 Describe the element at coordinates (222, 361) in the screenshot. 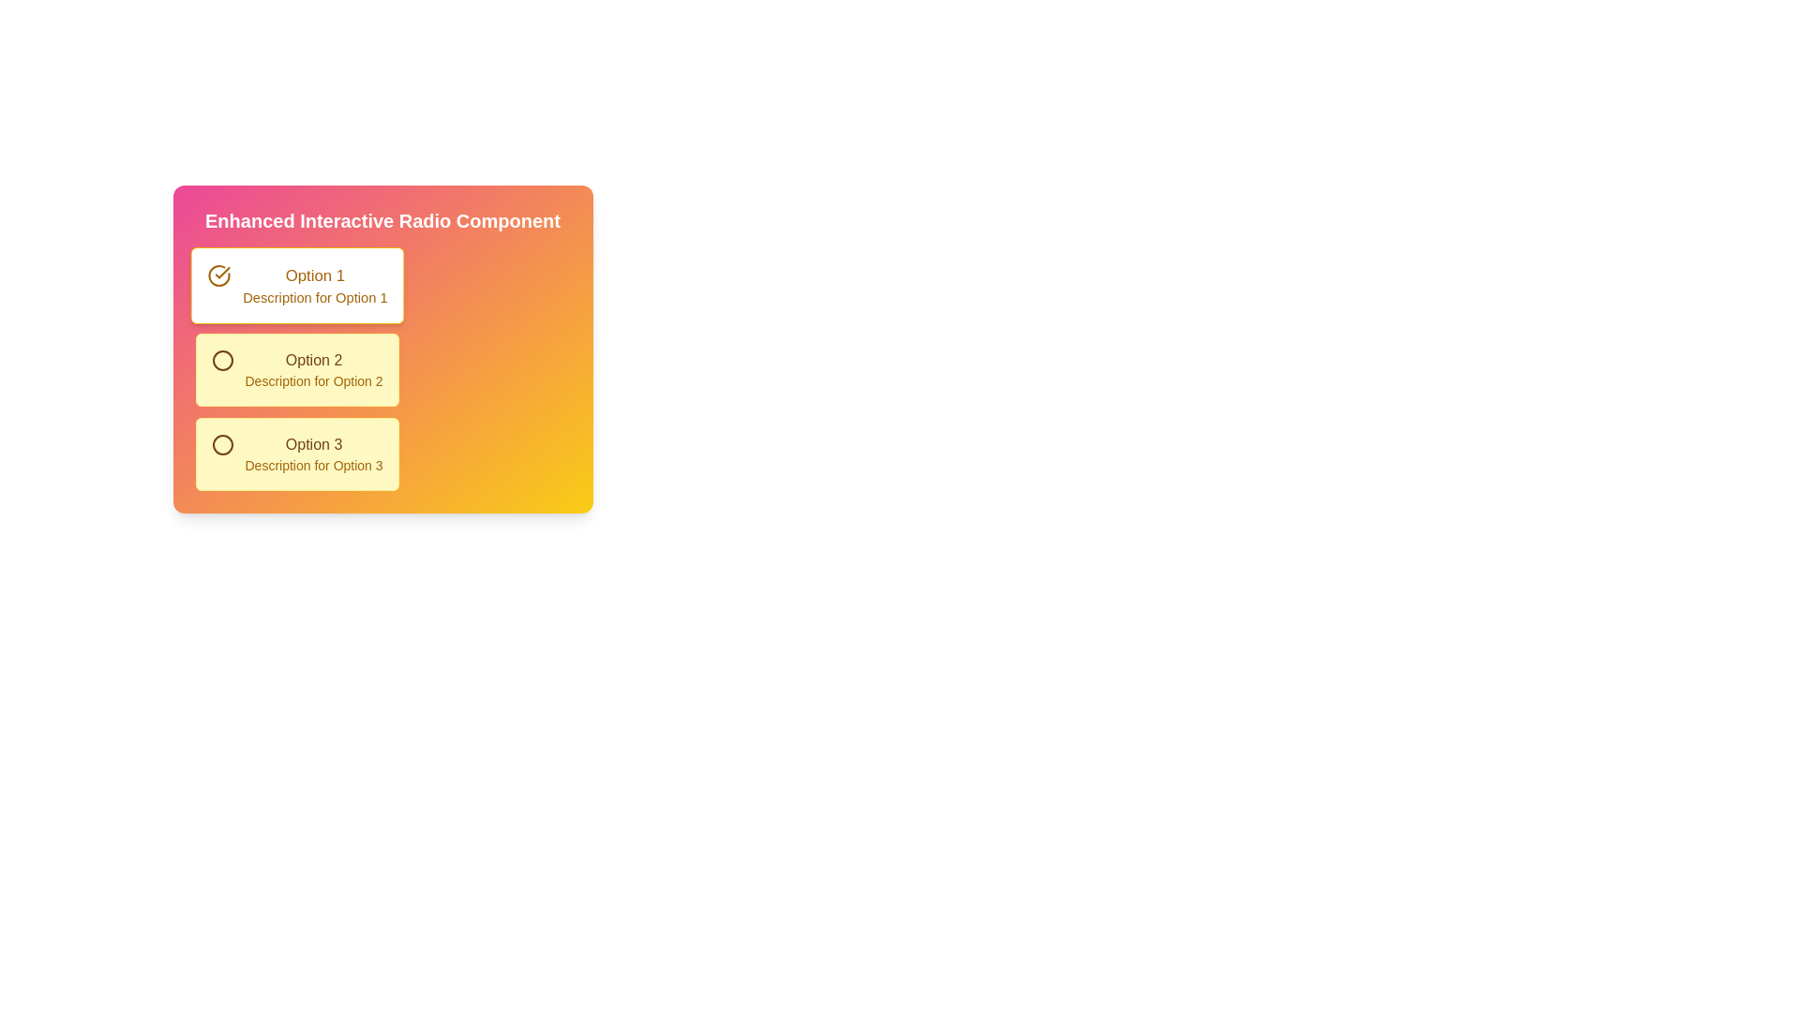

I see `the second radio button option labeled 'Option 2 - Description for Option 2' in the 'Enhanced Interactive Radio Component' card` at that location.